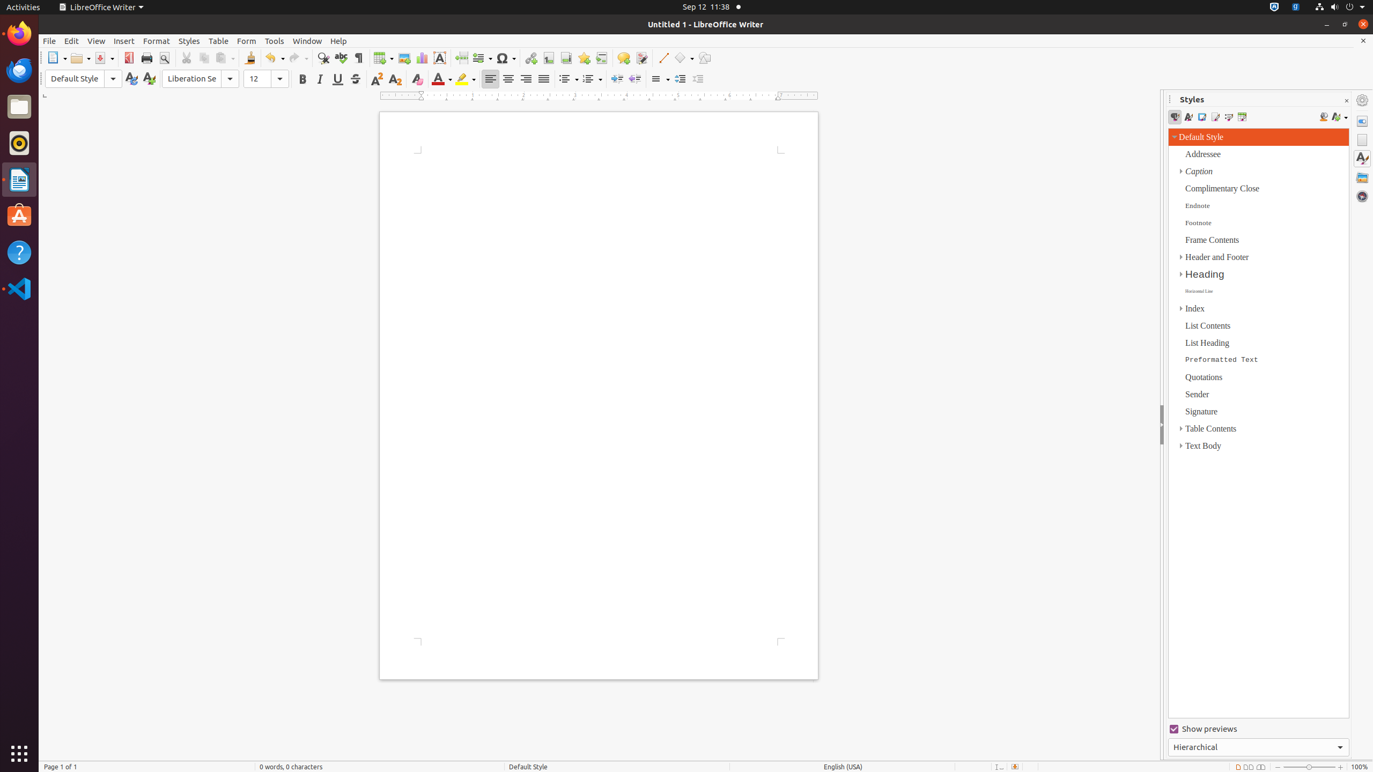 This screenshot has width=1373, height=772. I want to click on 'Update', so click(131, 78).